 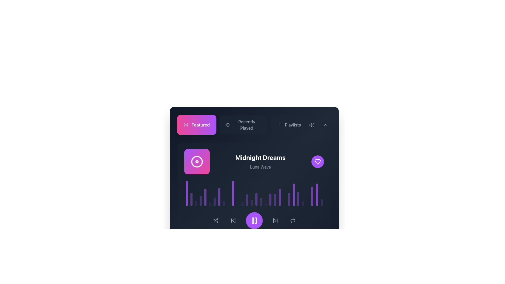 What do you see at coordinates (196, 161) in the screenshot?
I see `the visual changes of the circular indicator with a white outline, located prominently to the left of the song title 'Midnight Dreams'` at bounding box center [196, 161].